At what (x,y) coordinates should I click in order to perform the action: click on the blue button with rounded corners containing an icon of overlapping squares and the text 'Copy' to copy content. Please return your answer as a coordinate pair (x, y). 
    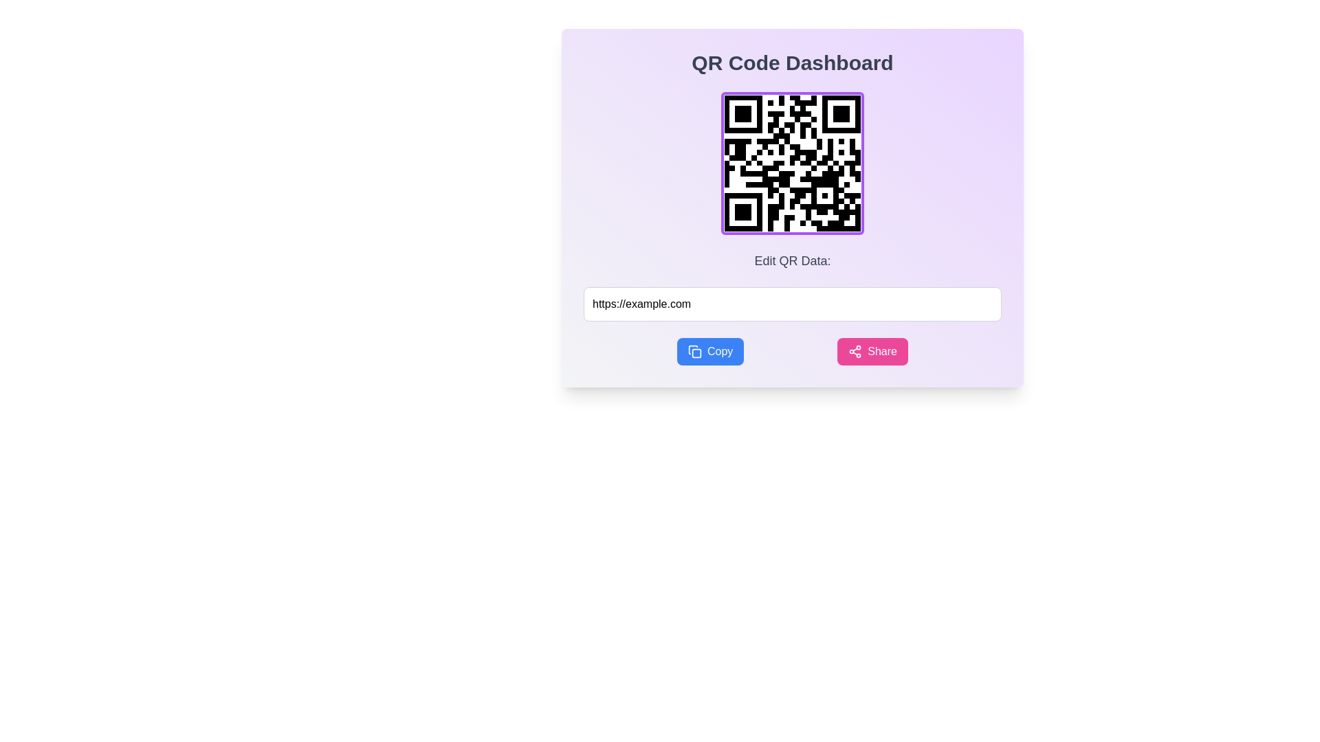
    Looking at the image, I should click on (710, 351).